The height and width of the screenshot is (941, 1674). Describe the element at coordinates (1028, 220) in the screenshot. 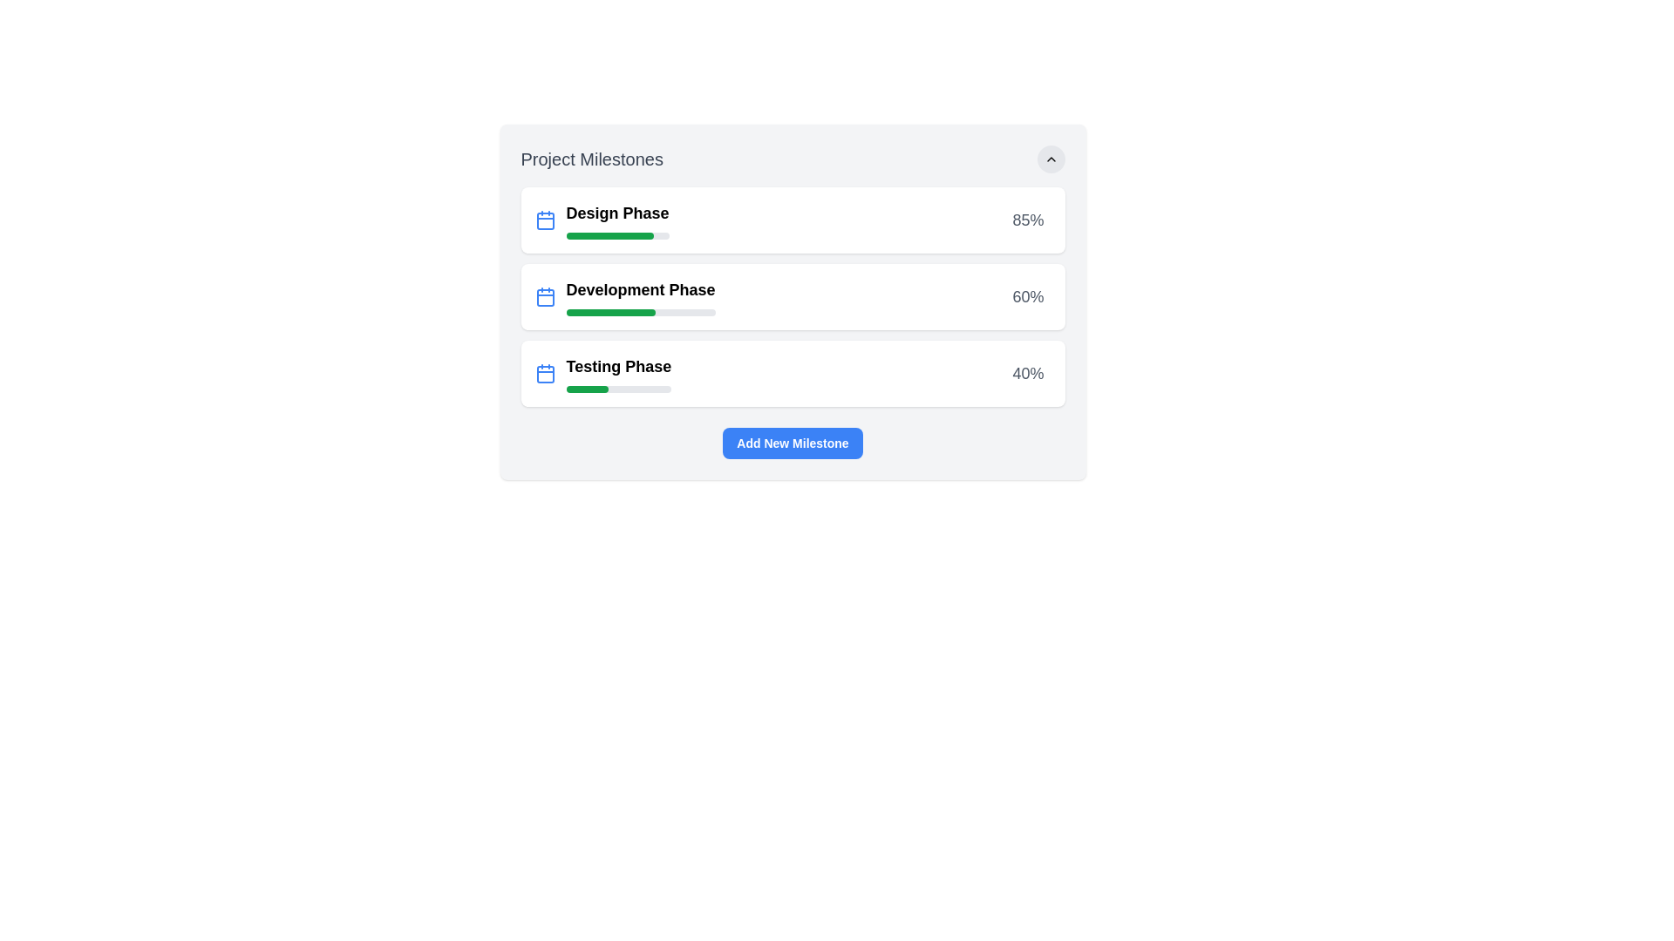

I see `the text label displaying '85%' in bold gray font, located at the far right of the 'Design Phase' progress tracking row` at that location.